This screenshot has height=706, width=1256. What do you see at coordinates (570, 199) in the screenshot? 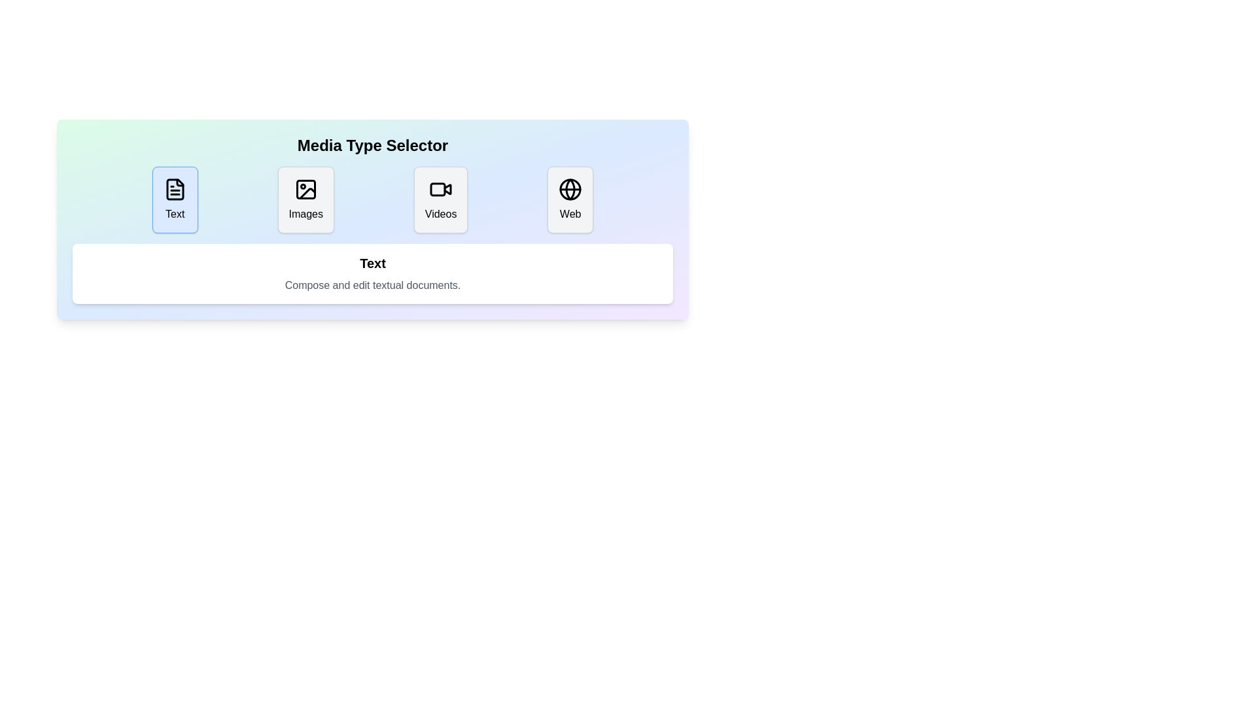
I see `the 'Web' button, which is a rectangular element with a light gray background, a thin gray border, a black globe icon at the top center, and the text 'Web' below the icon` at bounding box center [570, 199].